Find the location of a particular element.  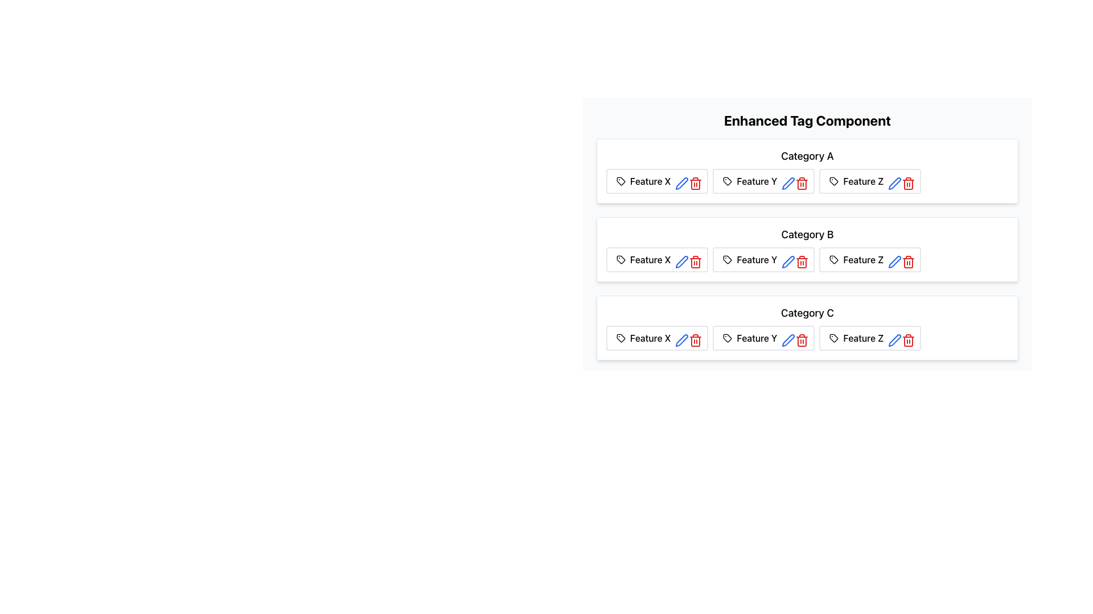

the deletion icon button located on the far right of the 'Feature Y' bar in the 'Category B' section is located at coordinates (802, 262).